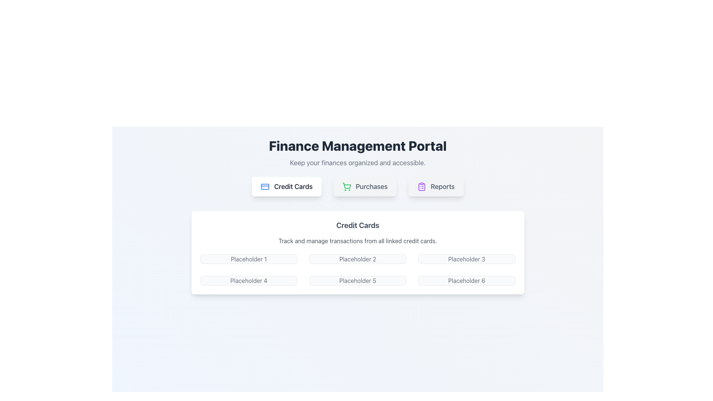 The height and width of the screenshot is (401, 713). What do you see at coordinates (358, 163) in the screenshot?
I see `text displaying 'Keep your finances organized and accessible.' which is centrally aligned beneath the heading 'Finance Management Portal.'` at bounding box center [358, 163].